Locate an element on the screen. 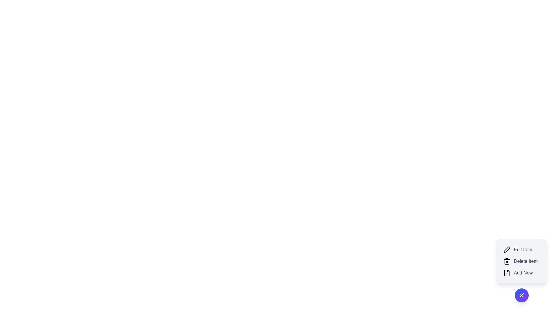  the 'Edit Item' button is located at coordinates (521, 249).